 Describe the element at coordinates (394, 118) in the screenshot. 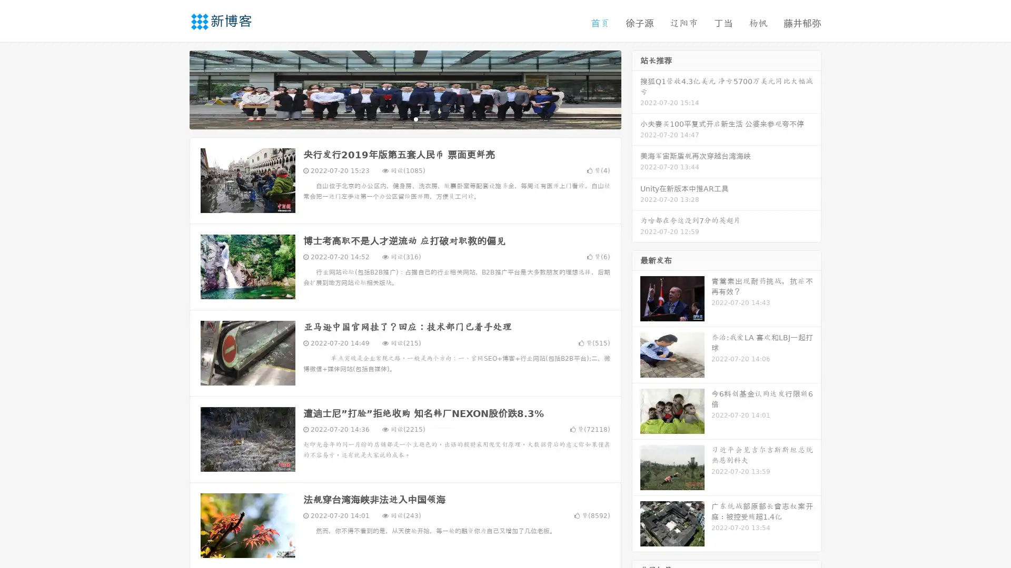

I see `Go to slide 1` at that location.